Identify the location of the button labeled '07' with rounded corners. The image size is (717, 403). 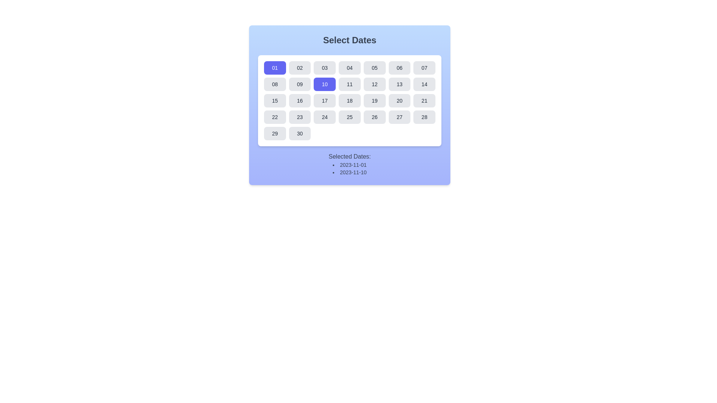
(424, 68).